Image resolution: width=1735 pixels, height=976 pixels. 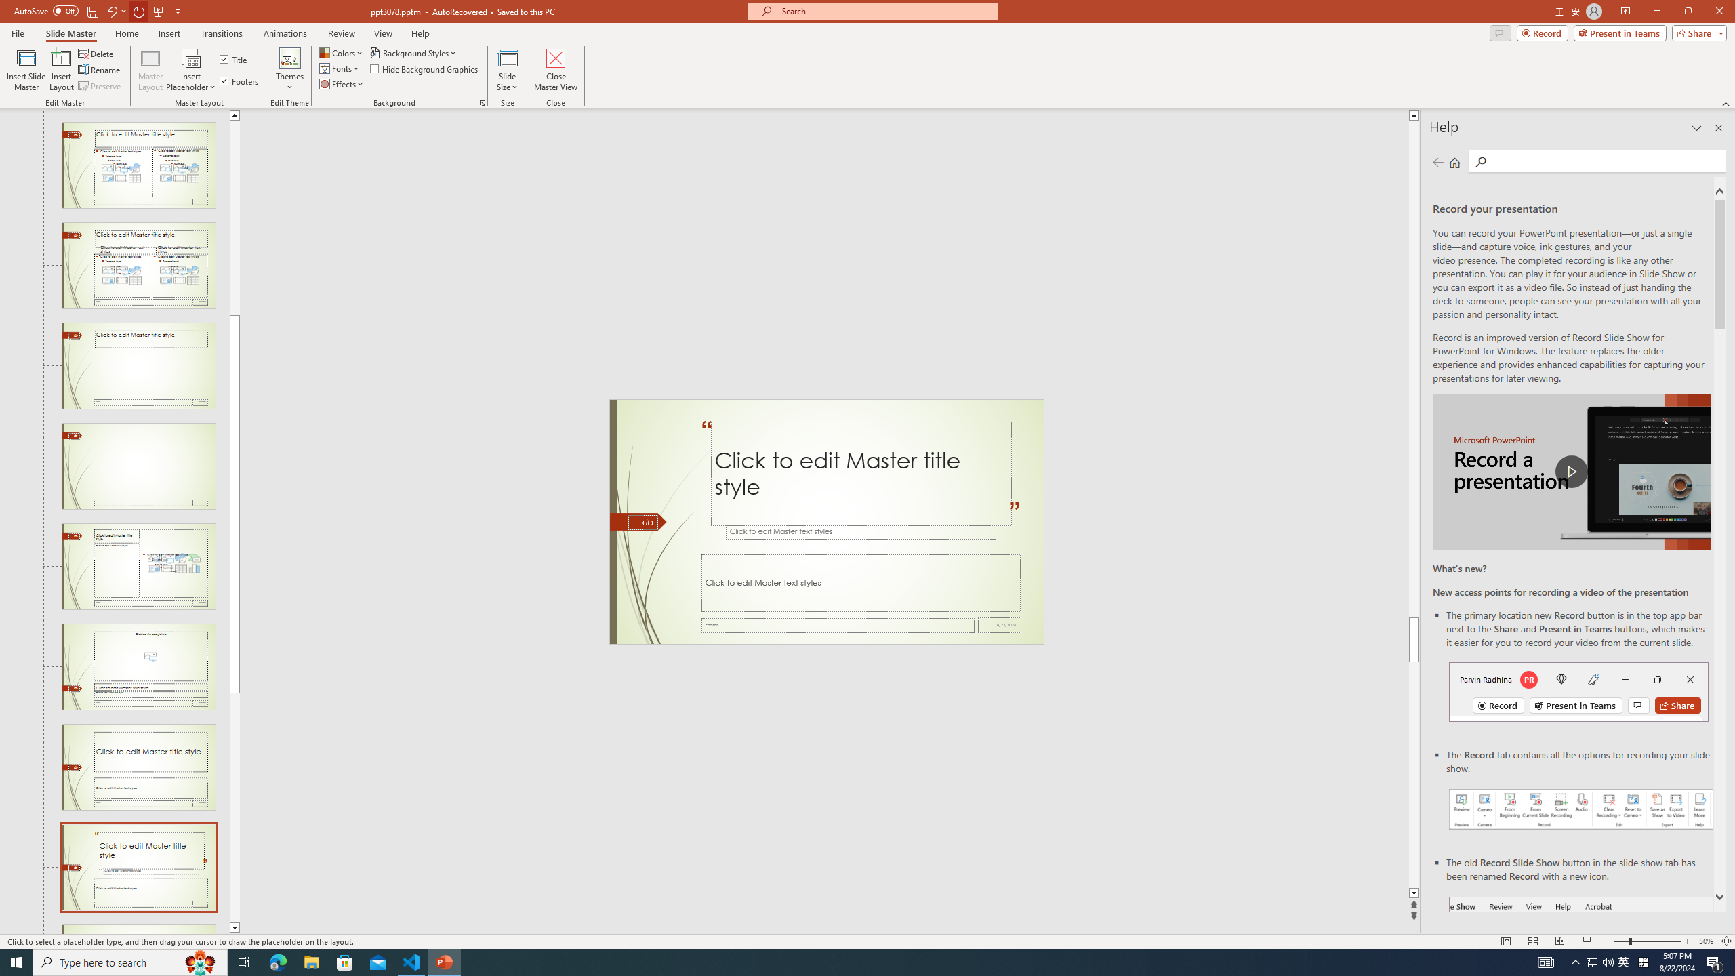 What do you see at coordinates (506, 70) in the screenshot?
I see `'Slide Size'` at bounding box center [506, 70].